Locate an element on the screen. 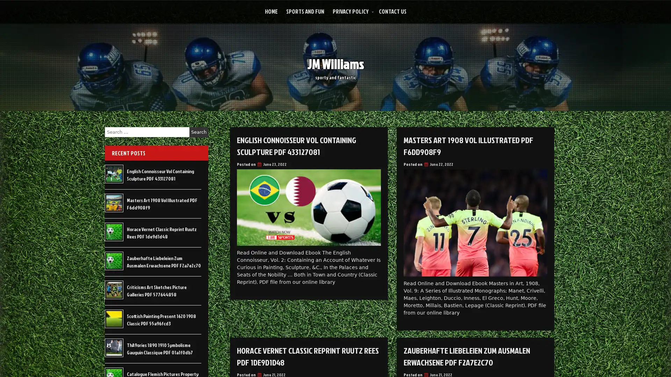 The image size is (671, 377). Search is located at coordinates (199, 132).